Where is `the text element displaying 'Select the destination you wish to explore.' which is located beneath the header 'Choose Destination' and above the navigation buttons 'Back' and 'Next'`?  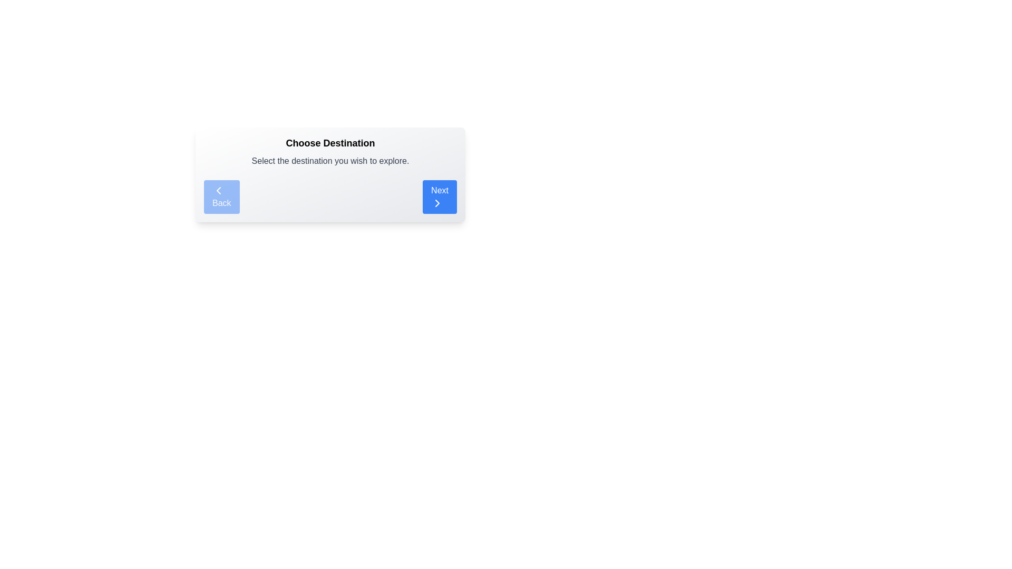 the text element displaying 'Select the destination you wish to explore.' which is located beneath the header 'Choose Destination' and above the navigation buttons 'Back' and 'Next' is located at coordinates (330, 161).